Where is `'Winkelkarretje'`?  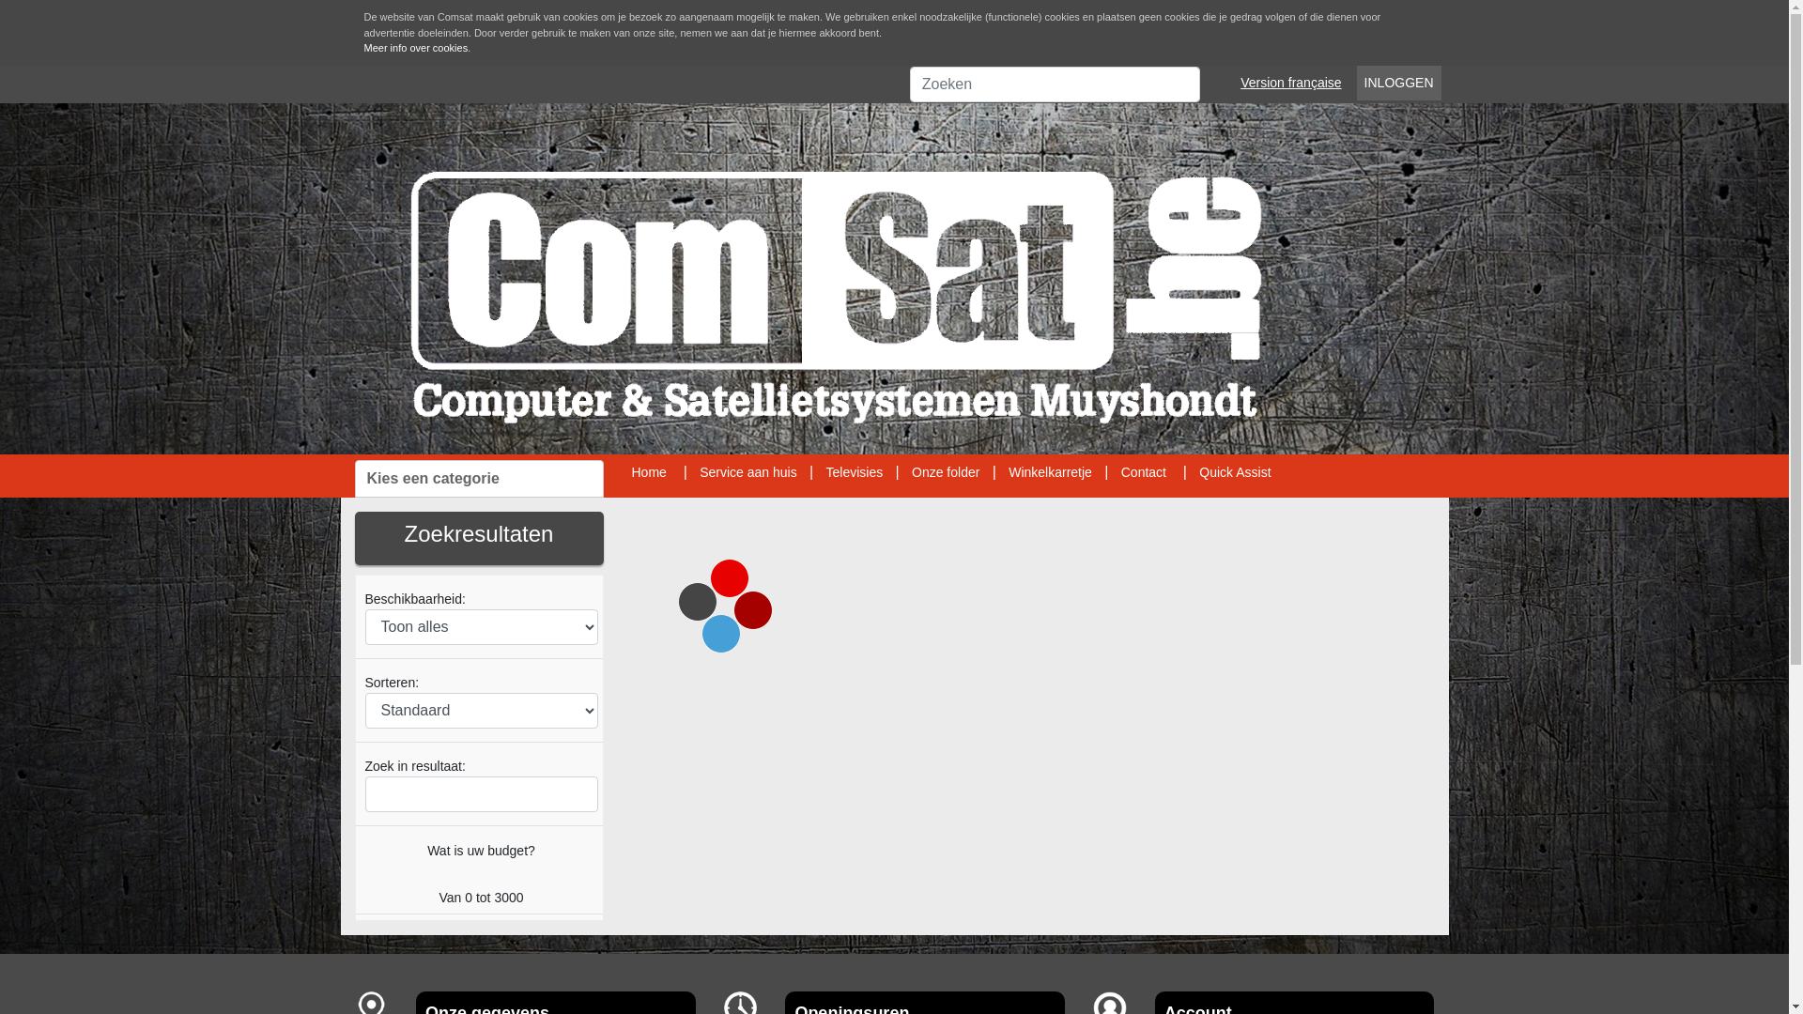
'Winkelkarretje' is located at coordinates (1049, 470).